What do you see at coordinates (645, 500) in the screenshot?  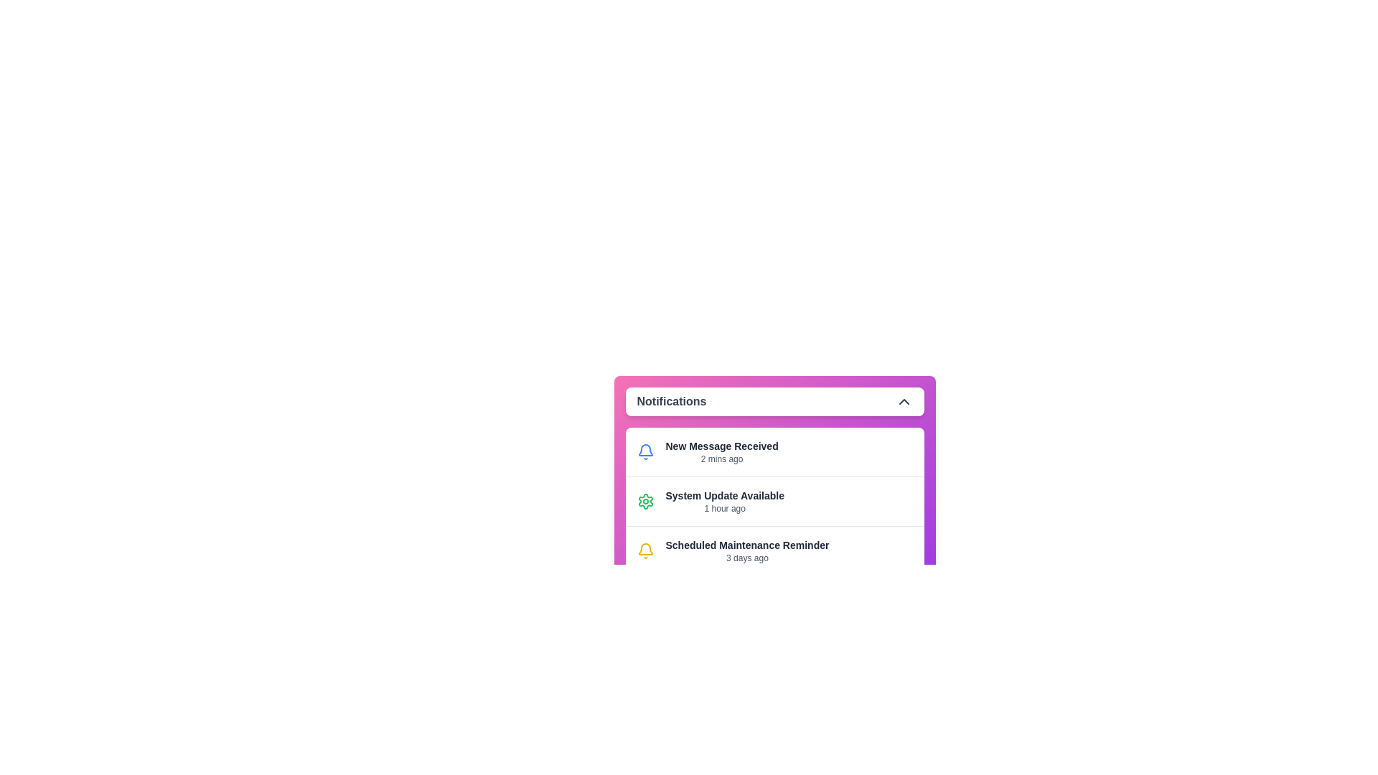 I see `the settings icon next to the 'System Update Available' notification` at bounding box center [645, 500].